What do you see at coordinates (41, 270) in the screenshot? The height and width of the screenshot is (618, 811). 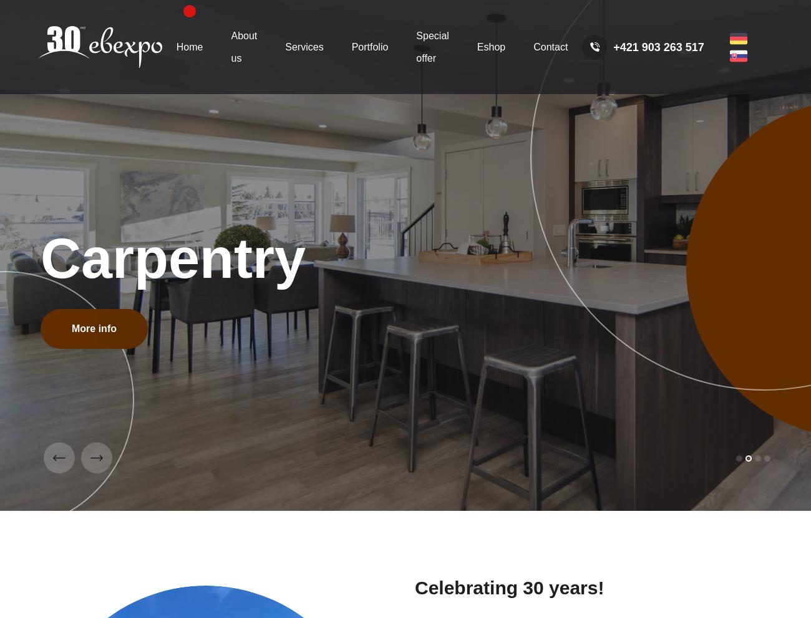 I see `'Our company is also trying to go the way of ZERO WASTE, although it is still challenging for us as we are also dependent on the environmental approach of our suppliers in this respect. However, we strive, among other things, to work only with suppliers who share the same corporate philosophy on environmental protection as we do.'` at bounding box center [41, 270].